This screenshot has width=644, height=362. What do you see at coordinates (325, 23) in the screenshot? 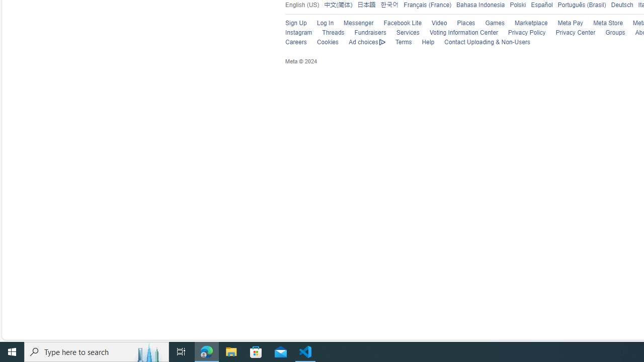
I see `'Log In'` at bounding box center [325, 23].